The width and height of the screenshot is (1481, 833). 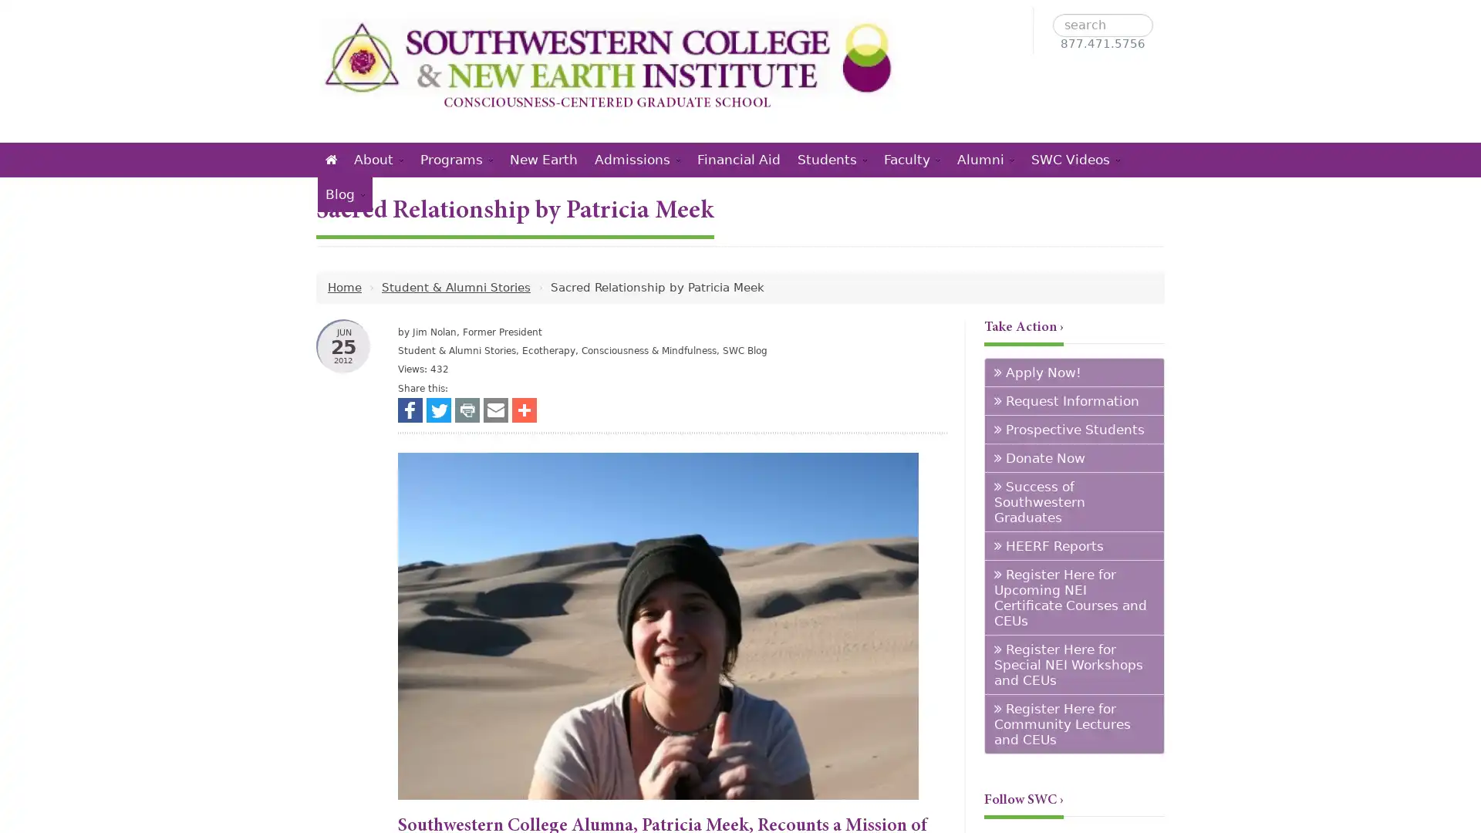 What do you see at coordinates (438, 409) in the screenshot?
I see `Share to Twitter` at bounding box center [438, 409].